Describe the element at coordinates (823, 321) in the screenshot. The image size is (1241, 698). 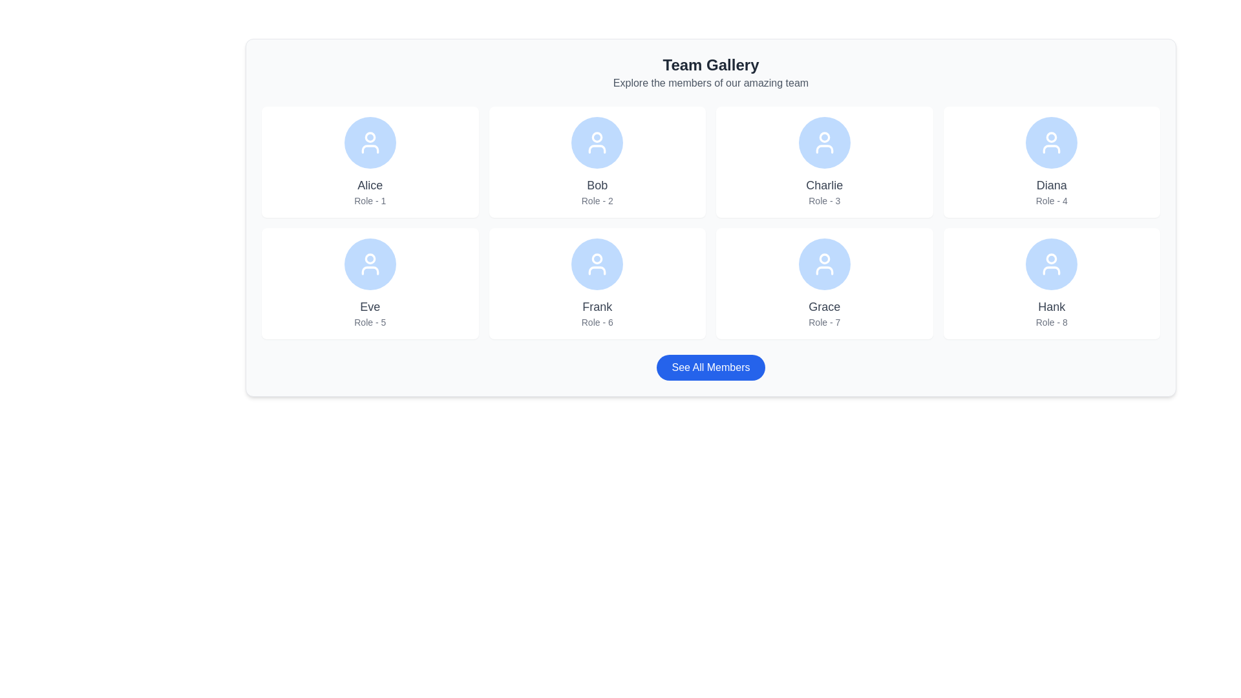
I see `text label indicating the role information assigned to 'Grace', which is centrally located below the circular icon and the name 'Grace' within the card in the second row and third column of the grid layout` at that location.